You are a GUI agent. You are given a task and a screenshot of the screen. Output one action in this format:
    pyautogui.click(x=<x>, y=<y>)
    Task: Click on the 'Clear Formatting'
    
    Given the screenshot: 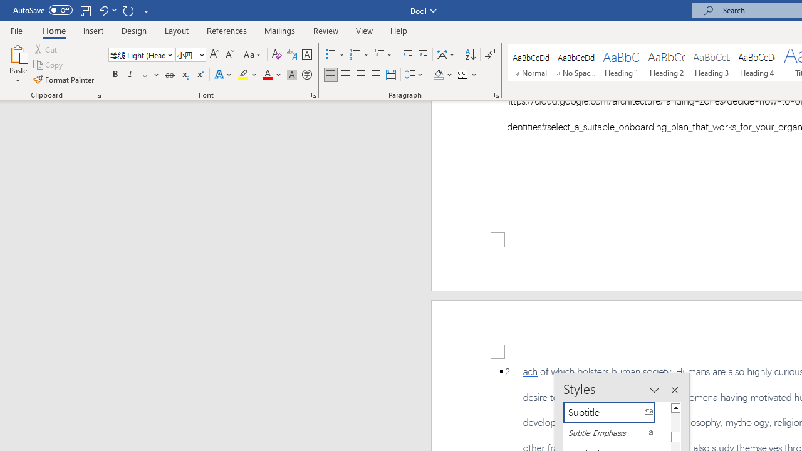 What is the action you would take?
    pyautogui.click(x=276, y=54)
    